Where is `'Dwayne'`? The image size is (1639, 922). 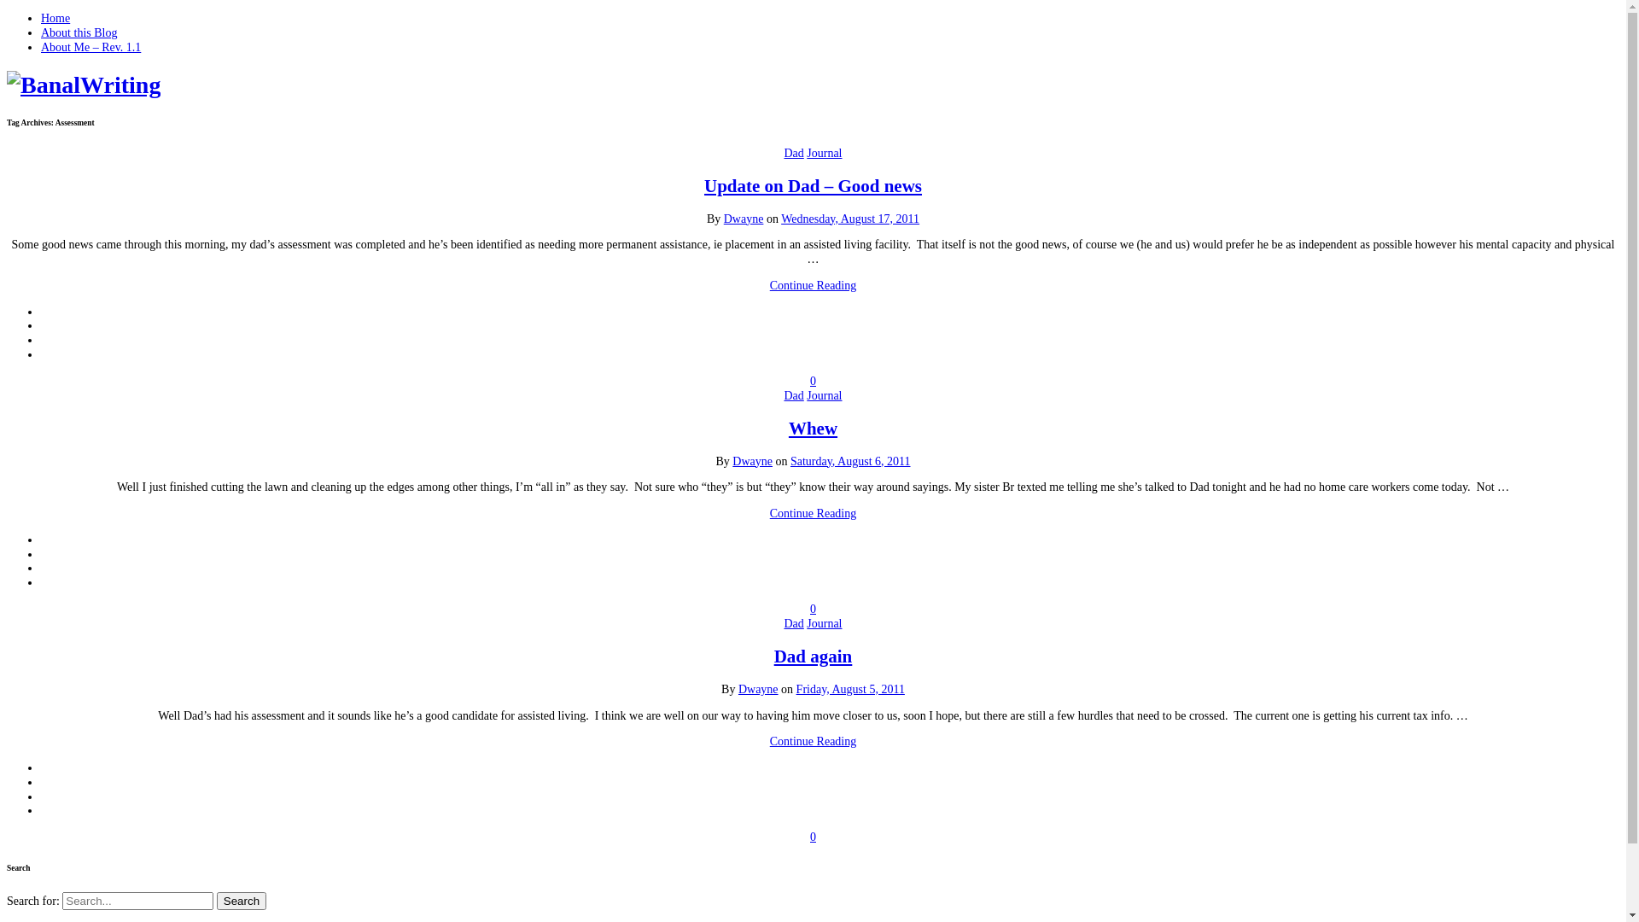
'Dwayne' is located at coordinates (744, 217).